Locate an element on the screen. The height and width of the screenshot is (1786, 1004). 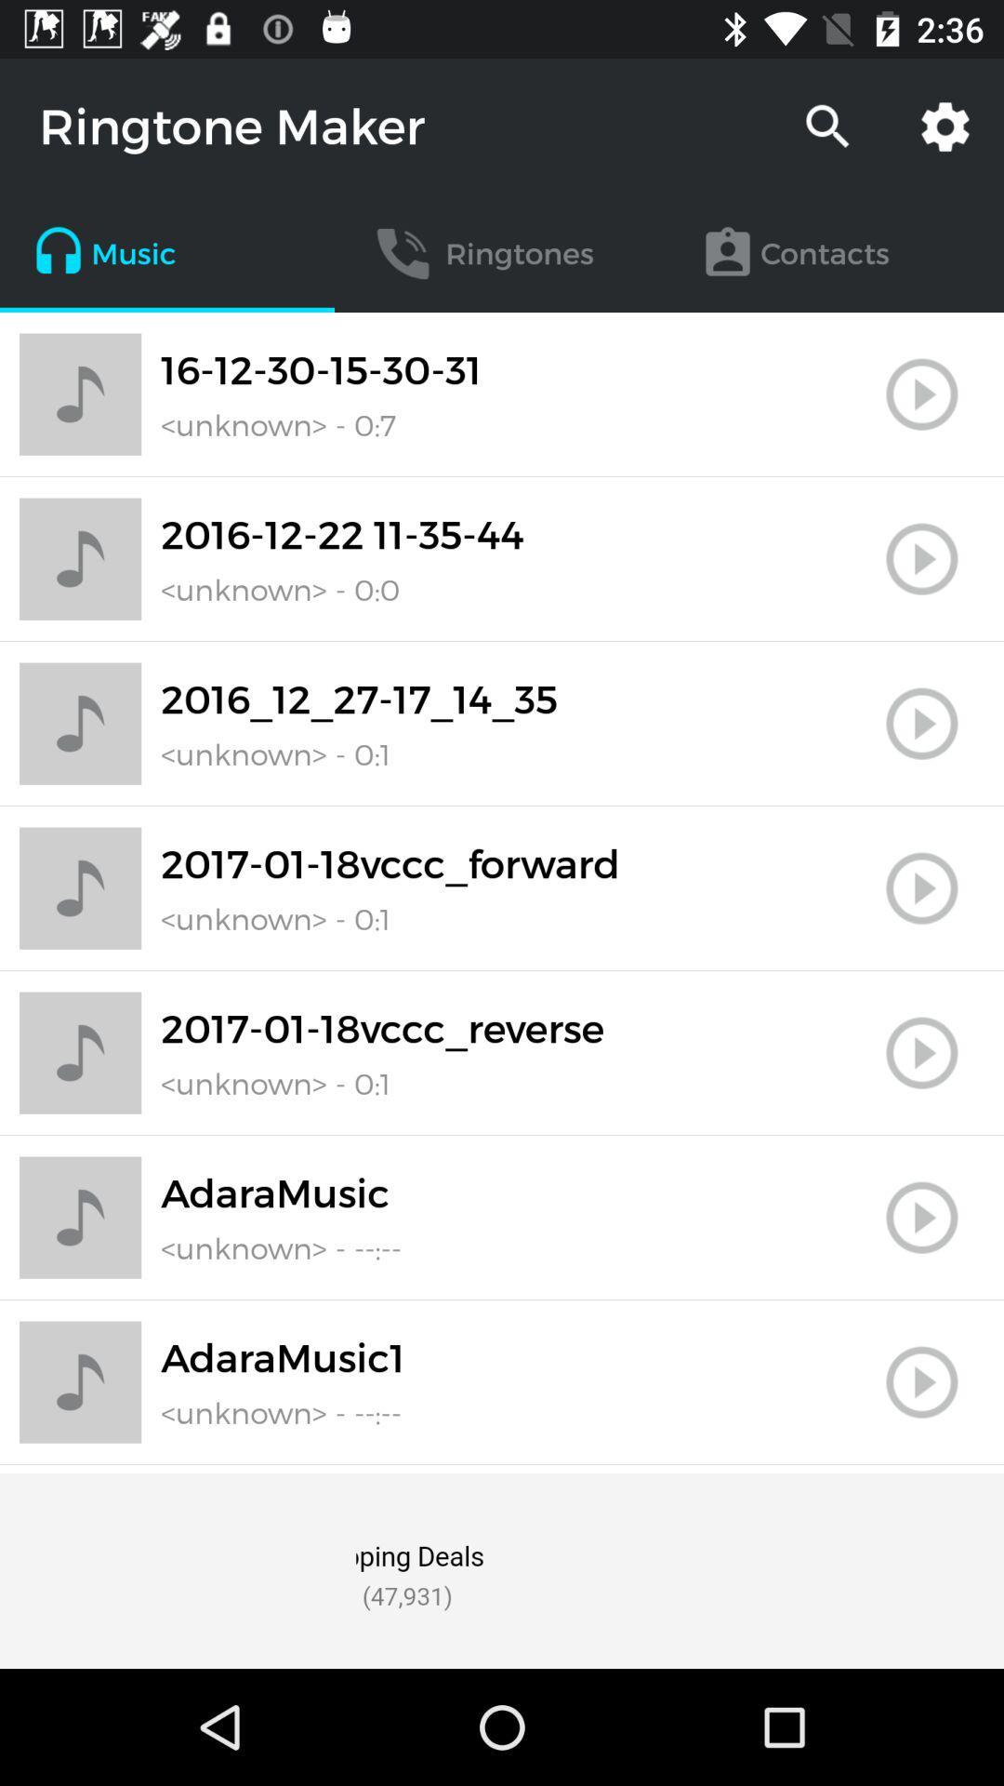
audio is located at coordinates (921, 723).